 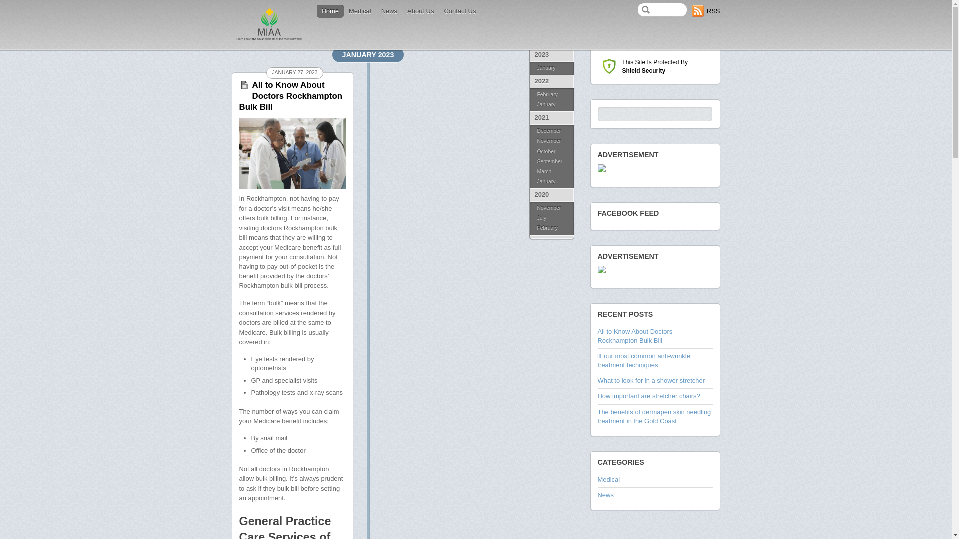 What do you see at coordinates (597, 380) in the screenshot?
I see `'What to look for in a shower stretcher'` at bounding box center [597, 380].